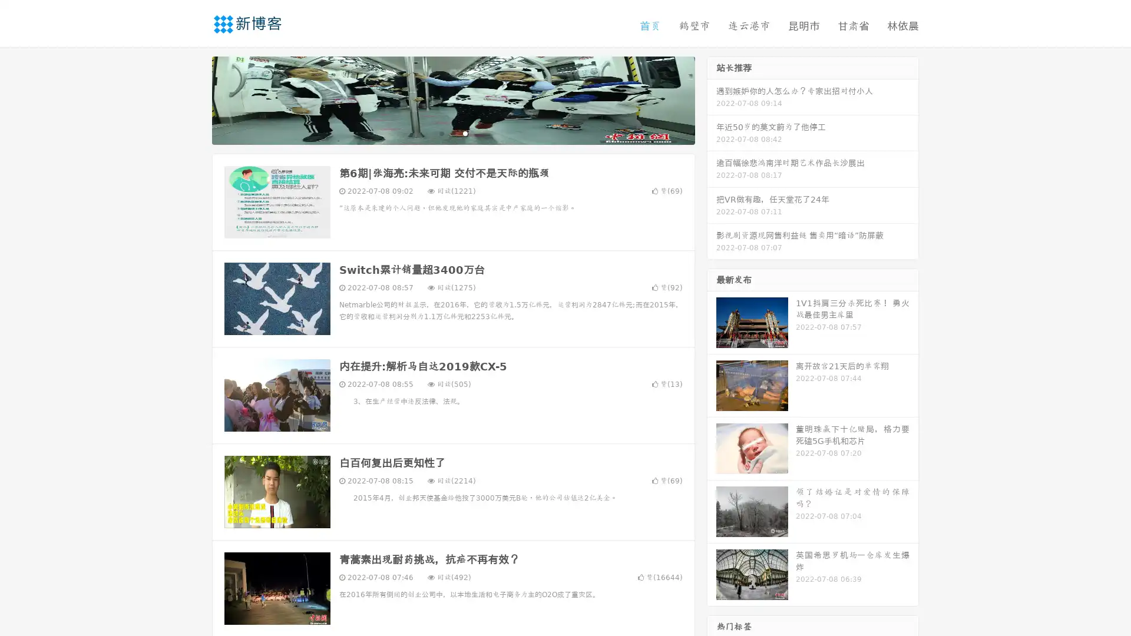 The height and width of the screenshot is (636, 1131). What do you see at coordinates (452, 132) in the screenshot?
I see `Go to slide 2` at bounding box center [452, 132].